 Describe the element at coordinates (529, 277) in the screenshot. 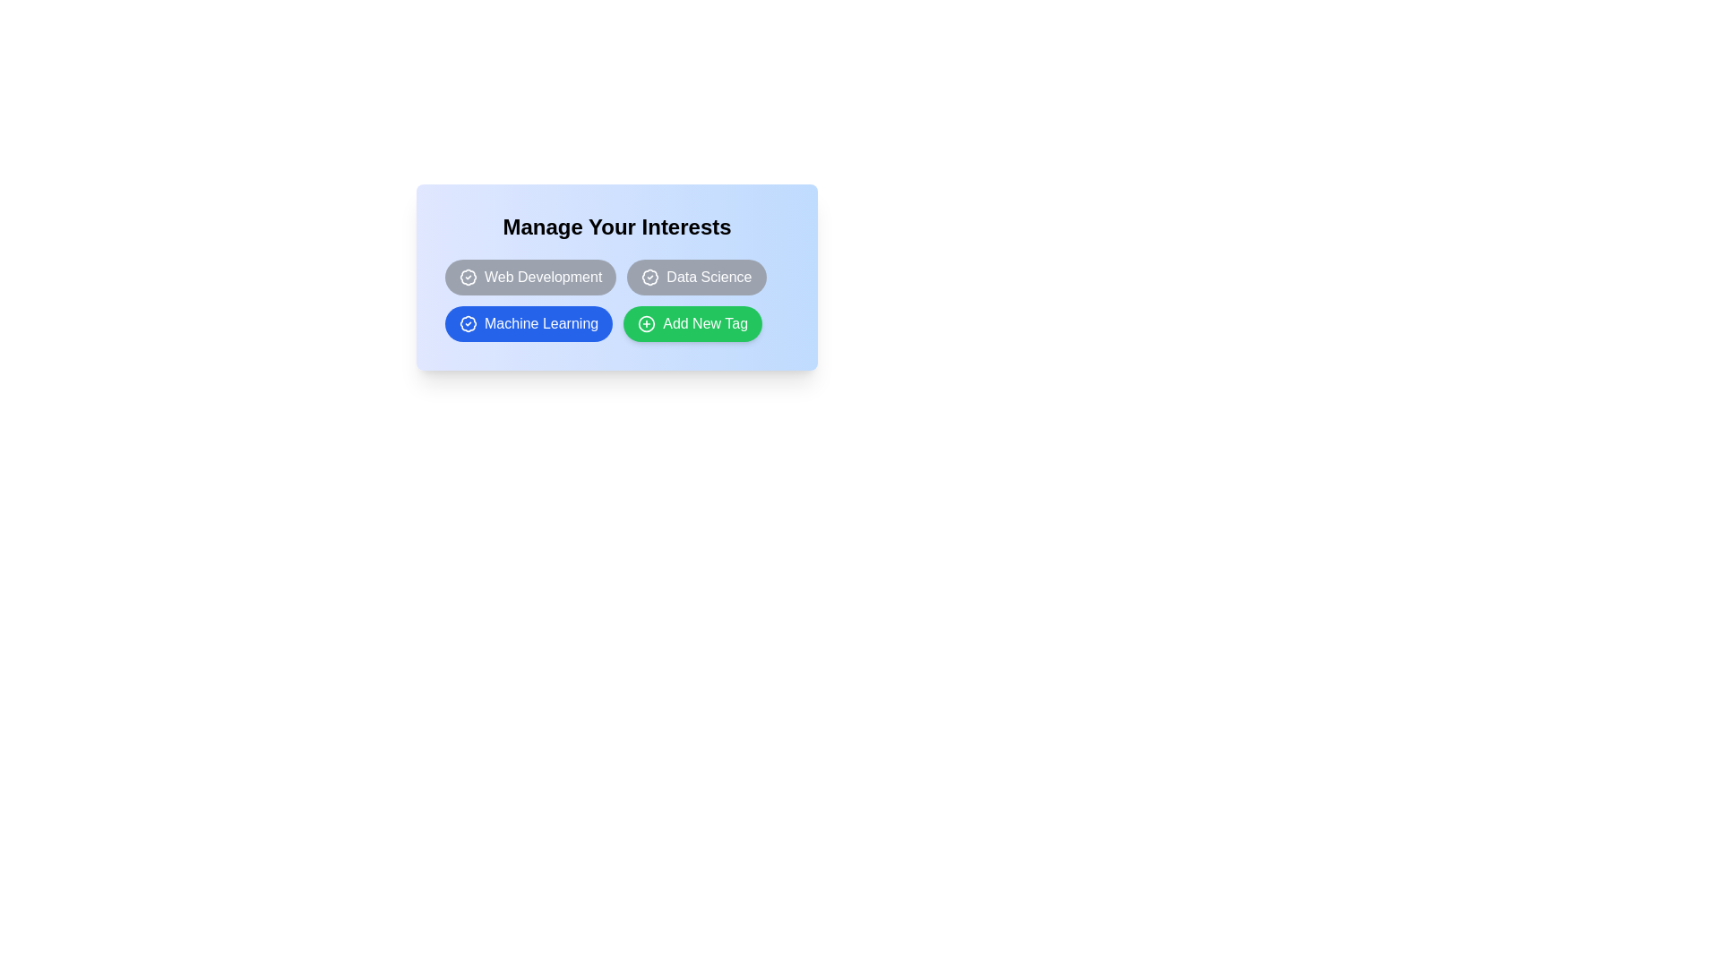

I see `the tag Web Development` at that location.